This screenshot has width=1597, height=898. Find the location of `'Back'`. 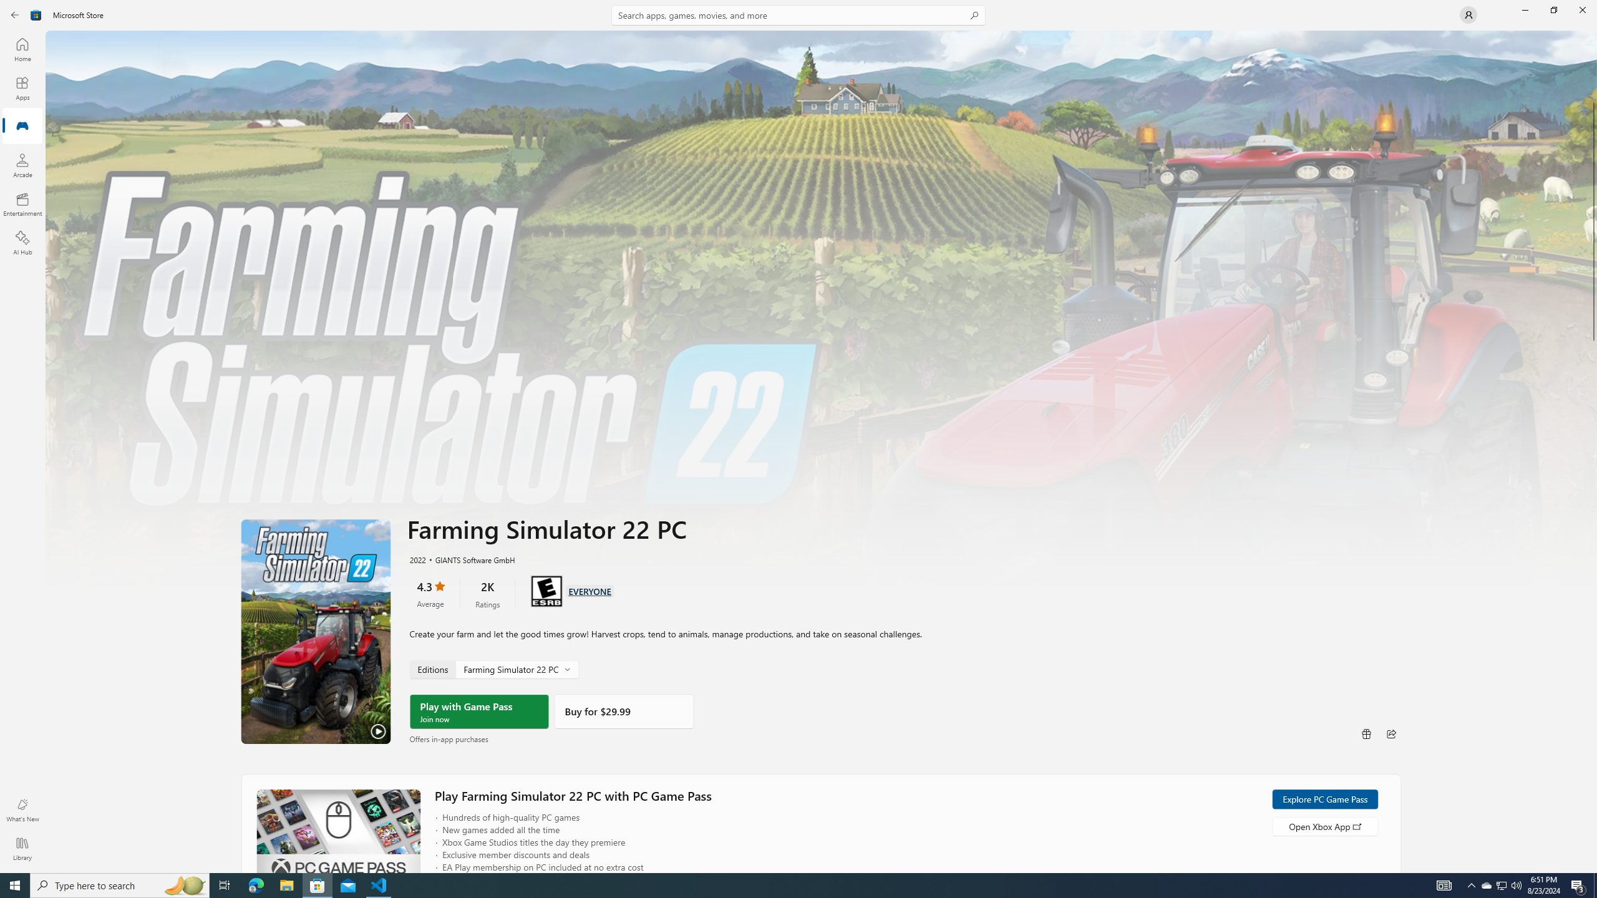

'Back' is located at coordinates (15, 14).